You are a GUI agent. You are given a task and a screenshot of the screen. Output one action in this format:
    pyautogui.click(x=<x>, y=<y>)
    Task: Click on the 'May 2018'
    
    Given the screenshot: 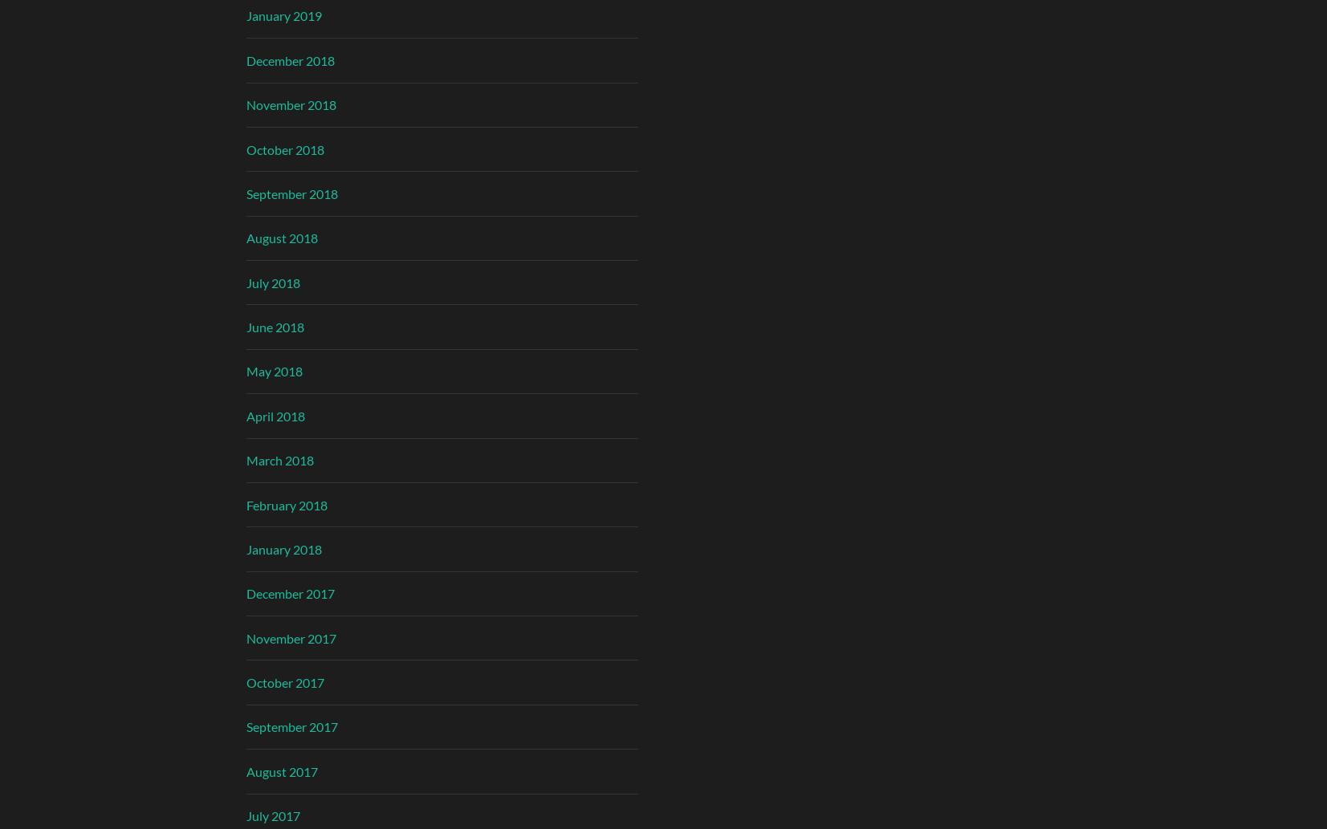 What is the action you would take?
    pyautogui.click(x=244, y=371)
    